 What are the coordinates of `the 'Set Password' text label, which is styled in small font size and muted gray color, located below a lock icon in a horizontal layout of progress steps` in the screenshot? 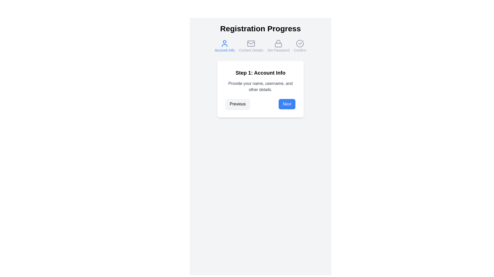 It's located at (278, 50).